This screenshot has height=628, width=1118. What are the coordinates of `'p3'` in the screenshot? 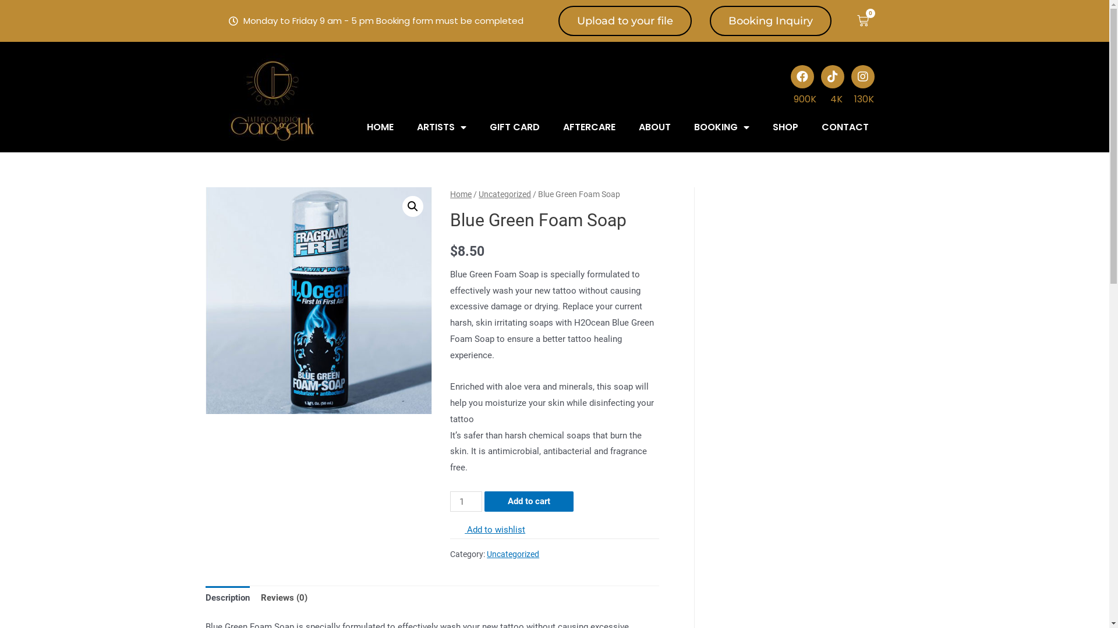 It's located at (319, 299).